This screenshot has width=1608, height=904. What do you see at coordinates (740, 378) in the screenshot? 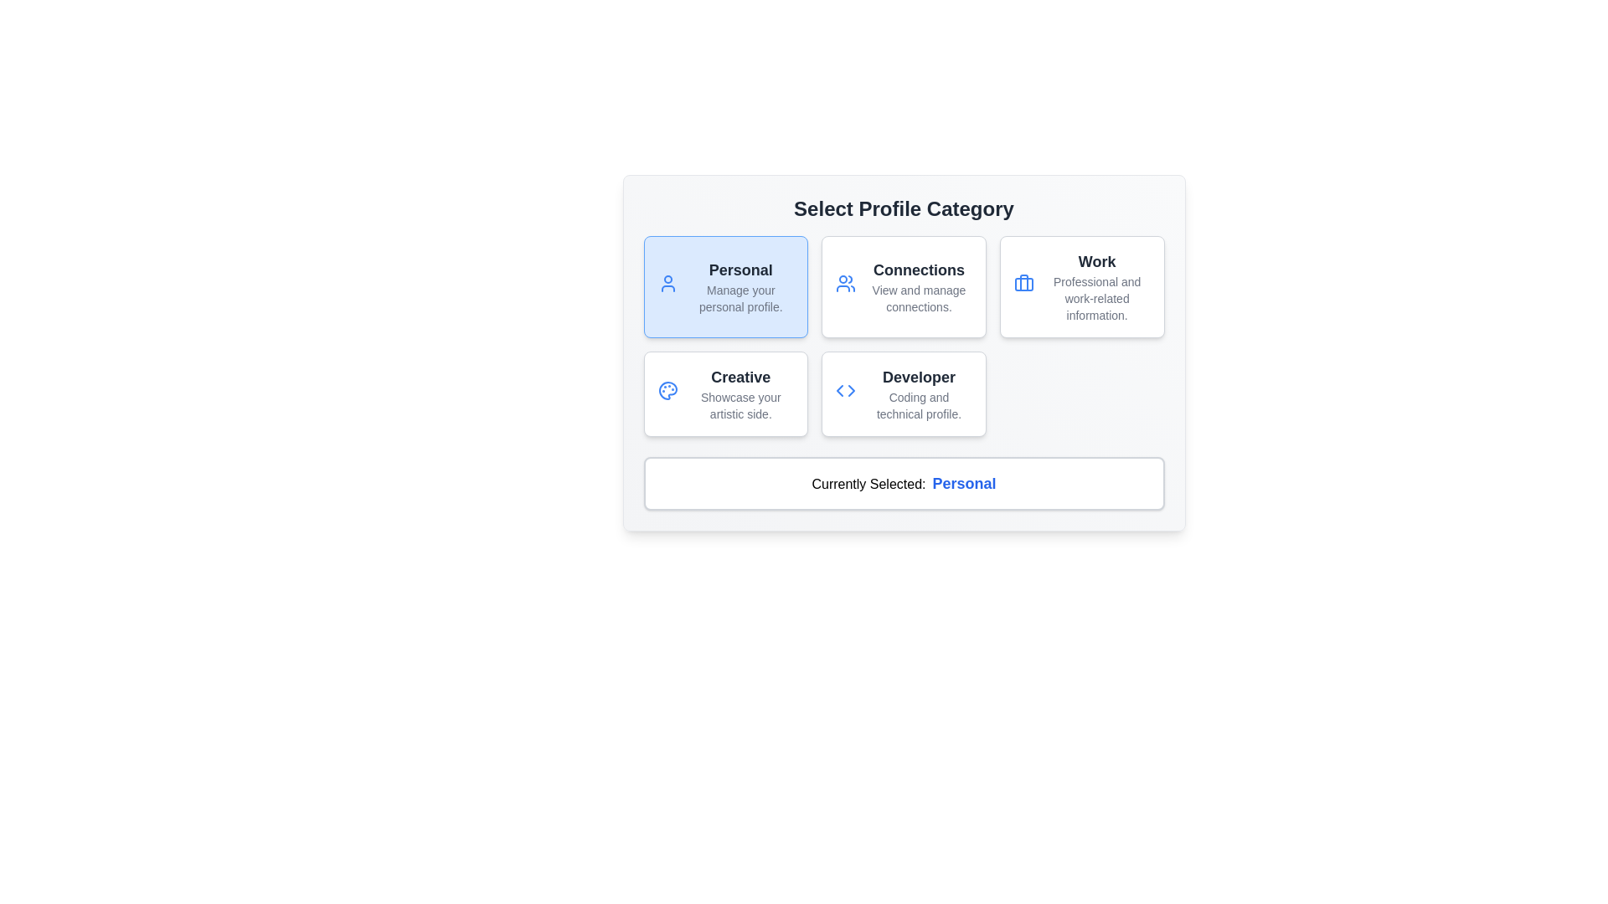
I see `the bold text label reading 'Creative' which is prominently positioned within a card in the second row, first column of a grid layout` at bounding box center [740, 378].